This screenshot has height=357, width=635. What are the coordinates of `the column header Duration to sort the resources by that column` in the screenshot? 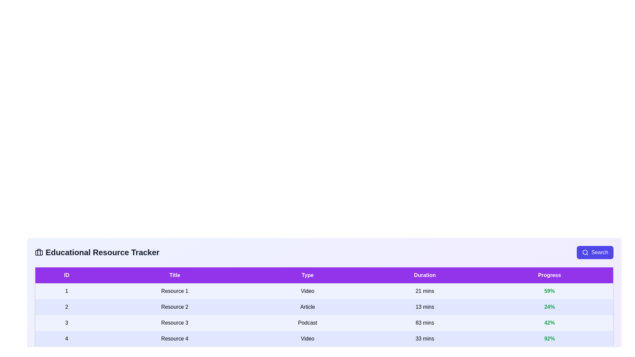 It's located at (425, 275).